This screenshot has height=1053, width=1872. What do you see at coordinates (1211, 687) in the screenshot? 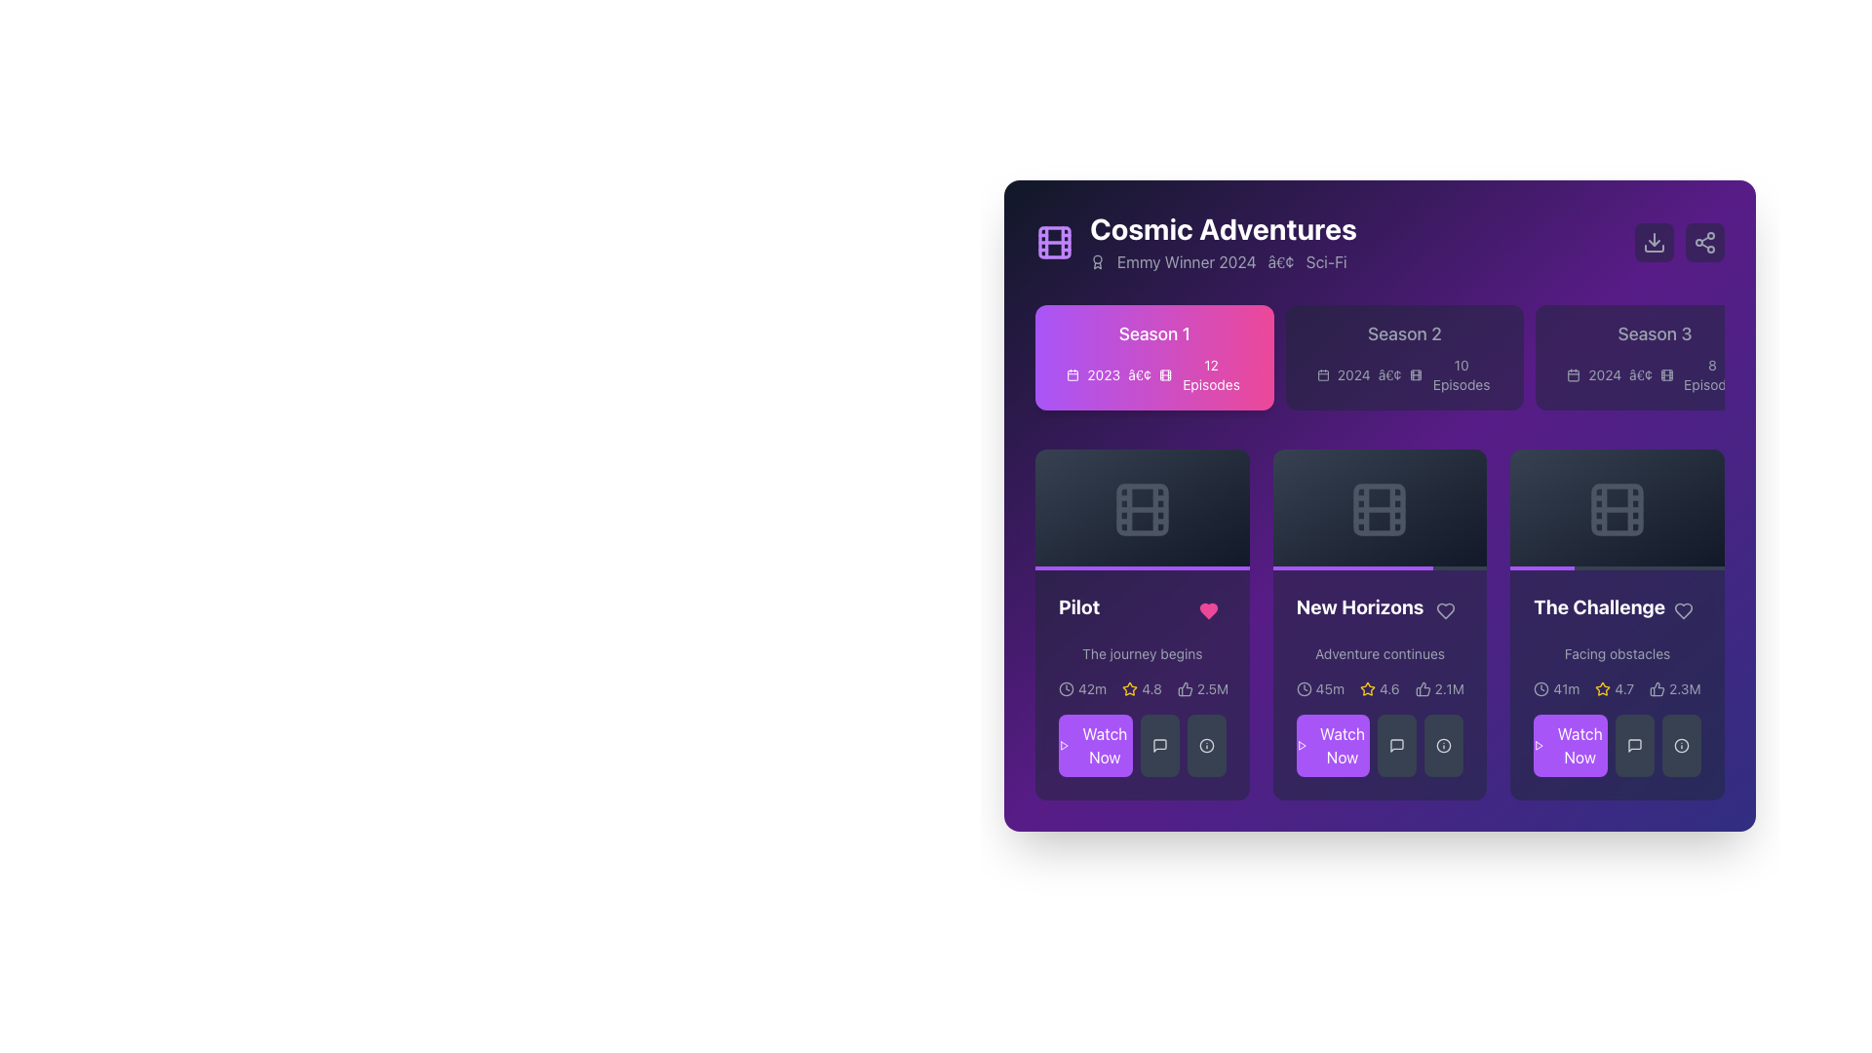
I see `the text label displaying '2.5M' which is part of the 'Pilot' card at the bottom section, located in the first column of a three-column layout` at bounding box center [1211, 687].